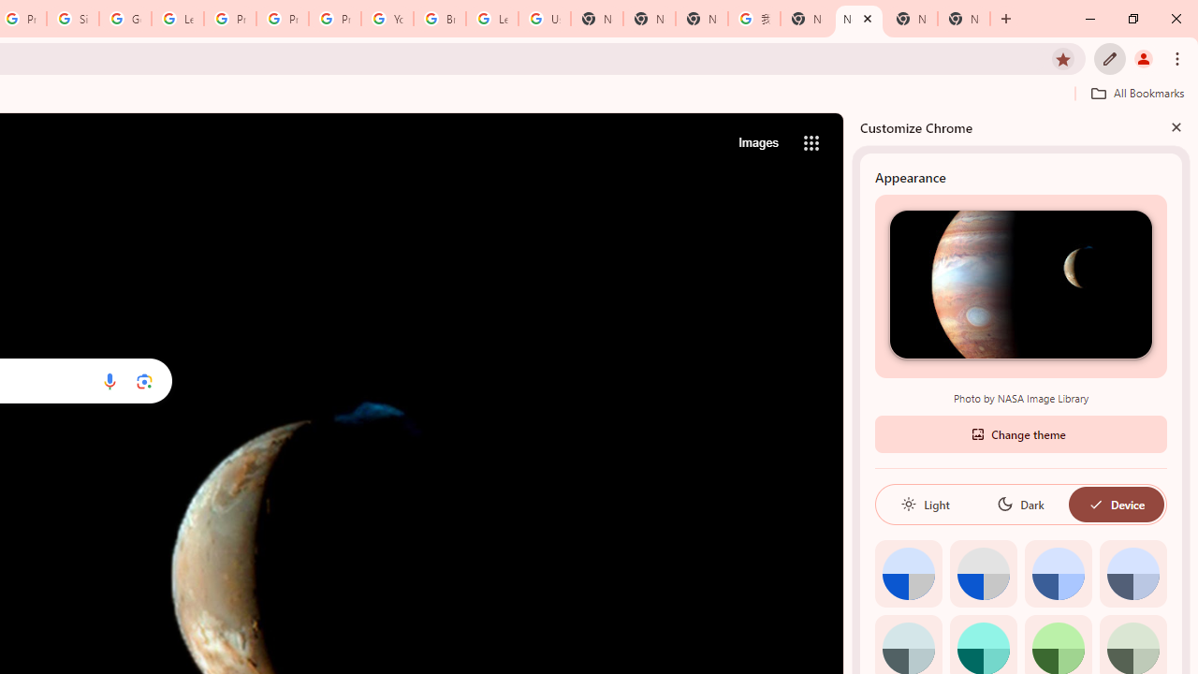 This screenshot has height=674, width=1198. I want to click on 'Change theme', so click(1019, 433).